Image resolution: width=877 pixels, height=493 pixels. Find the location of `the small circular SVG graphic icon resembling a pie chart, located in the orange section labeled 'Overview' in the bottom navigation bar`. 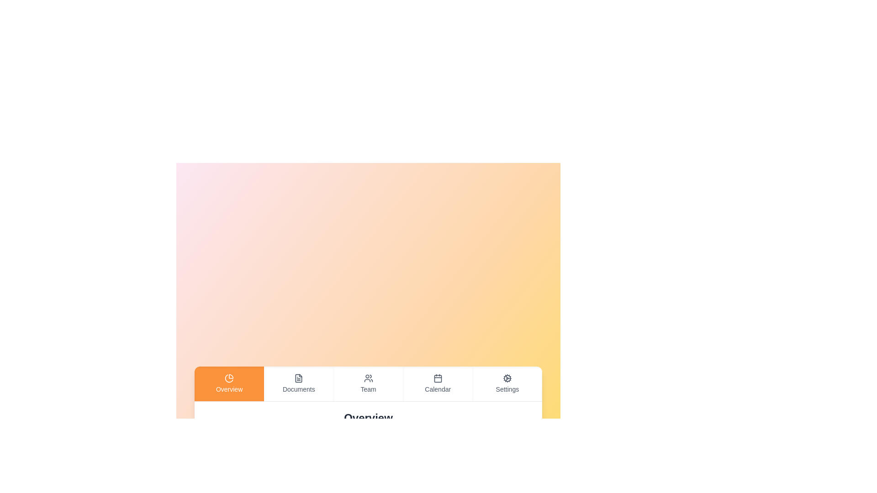

the small circular SVG graphic icon resembling a pie chart, located in the orange section labeled 'Overview' in the bottom navigation bar is located at coordinates (229, 378).